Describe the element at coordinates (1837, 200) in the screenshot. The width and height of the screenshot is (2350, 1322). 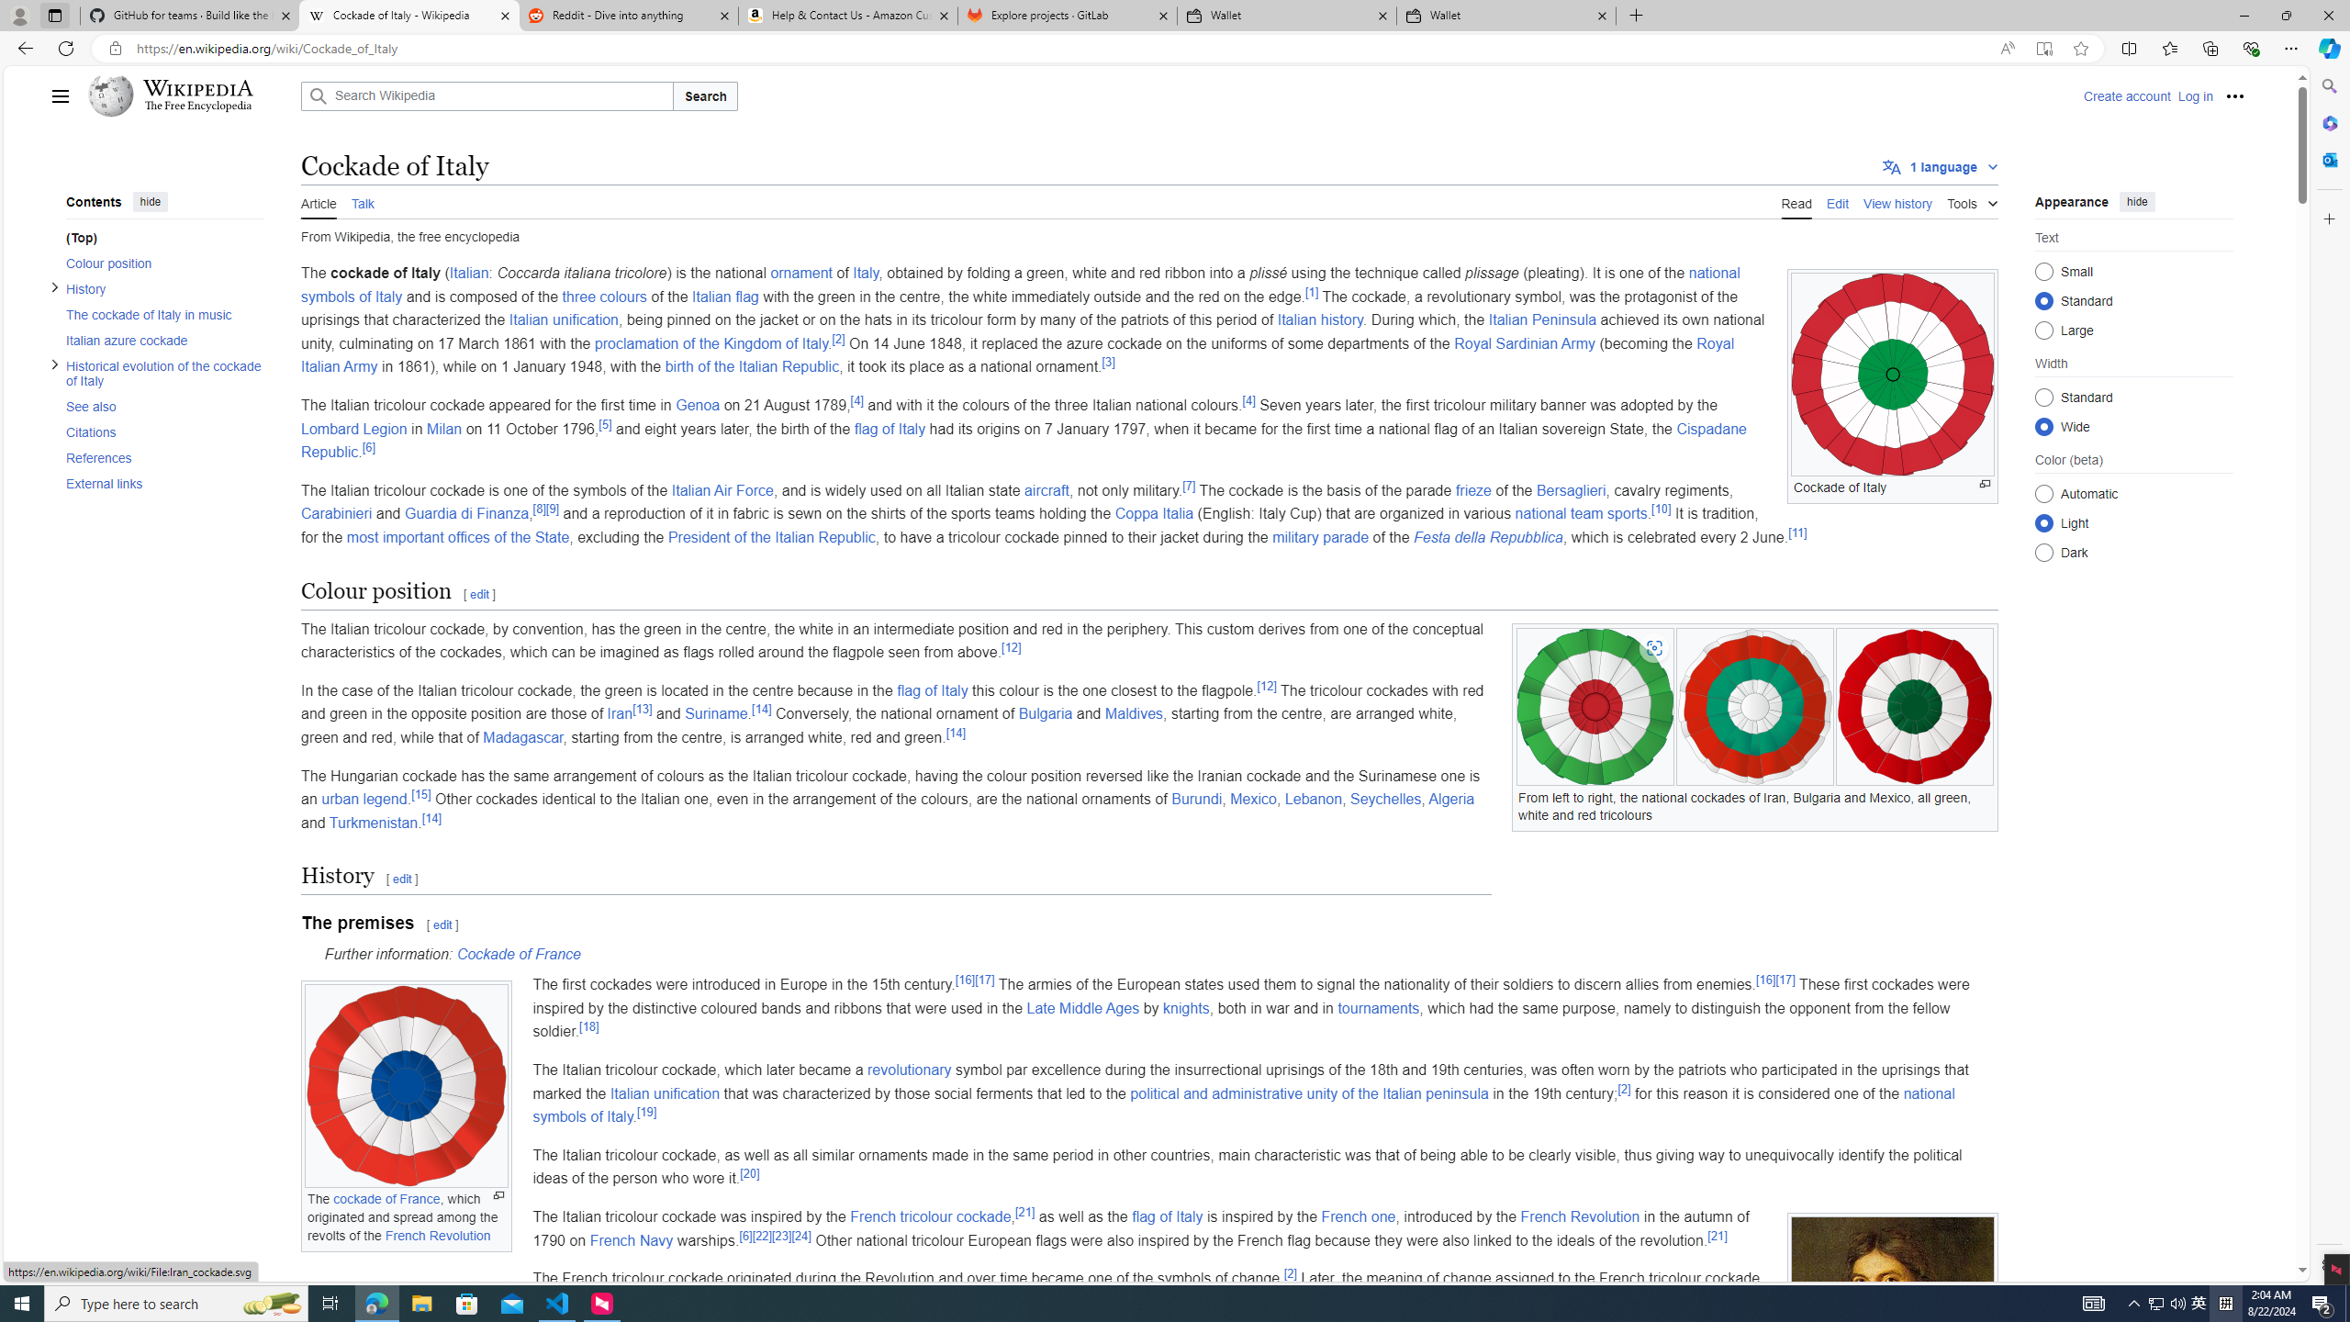
I see `'Edit'` at that location.